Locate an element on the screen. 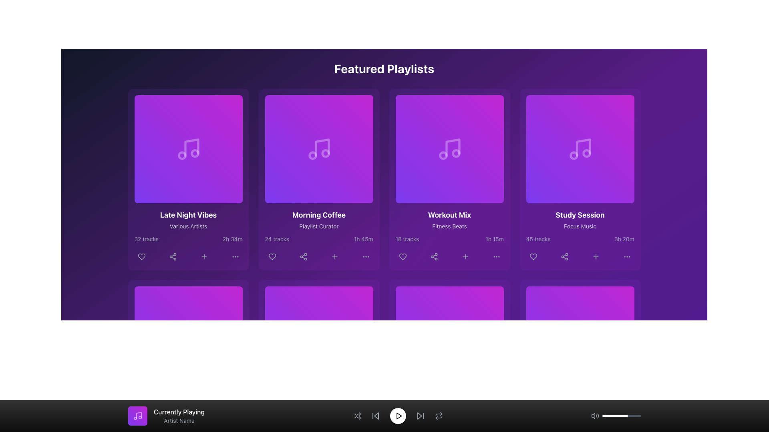 Image resolution: width=769 pixels, height=432 pixels. the volume level is located at coordinates (626, 416).